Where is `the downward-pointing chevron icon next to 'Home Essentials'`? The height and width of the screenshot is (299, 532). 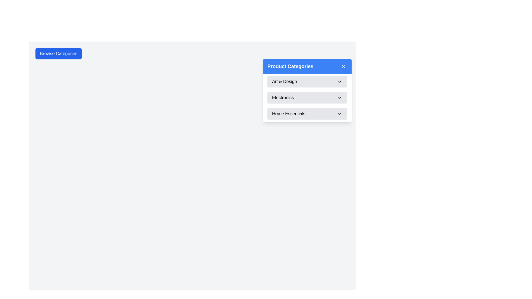 the downward-pointing chevron icon next to 'Home Essentials' is located at coordinates (339, 114).